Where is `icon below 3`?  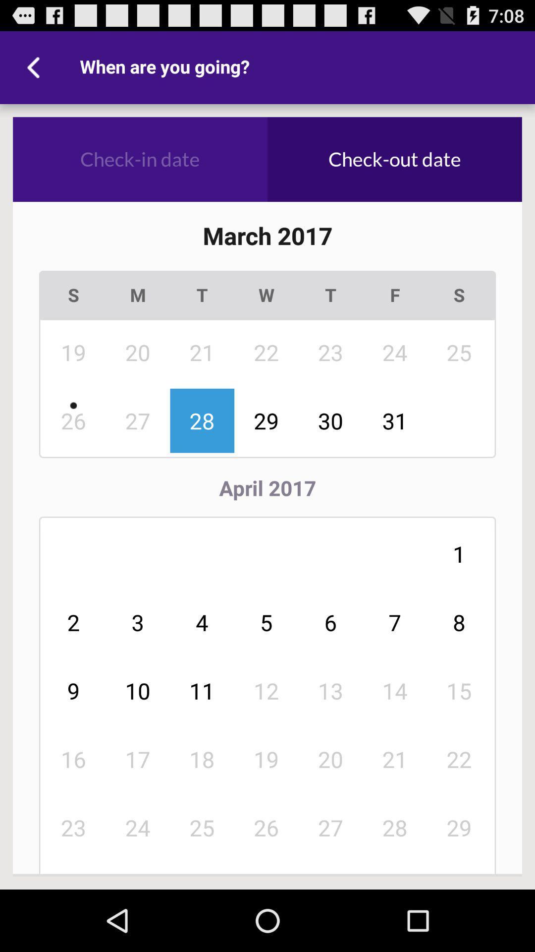
icon below 3 is located at coordinates (202, 690).